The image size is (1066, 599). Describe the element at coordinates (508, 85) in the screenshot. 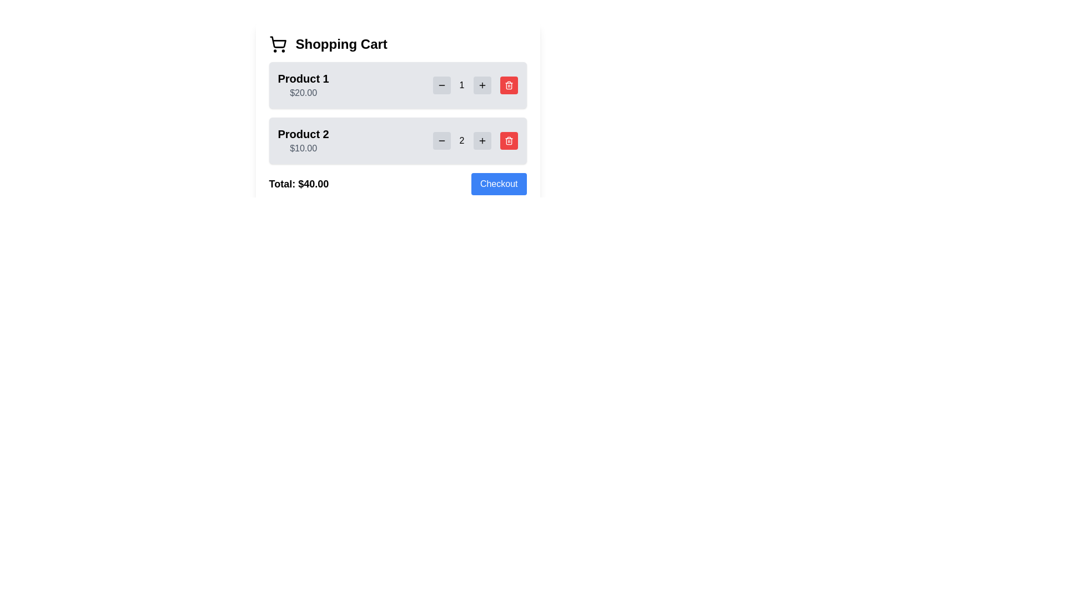

I see `the red trash bin icon located at the far right of the second product's row in the shopping cart` at that location.